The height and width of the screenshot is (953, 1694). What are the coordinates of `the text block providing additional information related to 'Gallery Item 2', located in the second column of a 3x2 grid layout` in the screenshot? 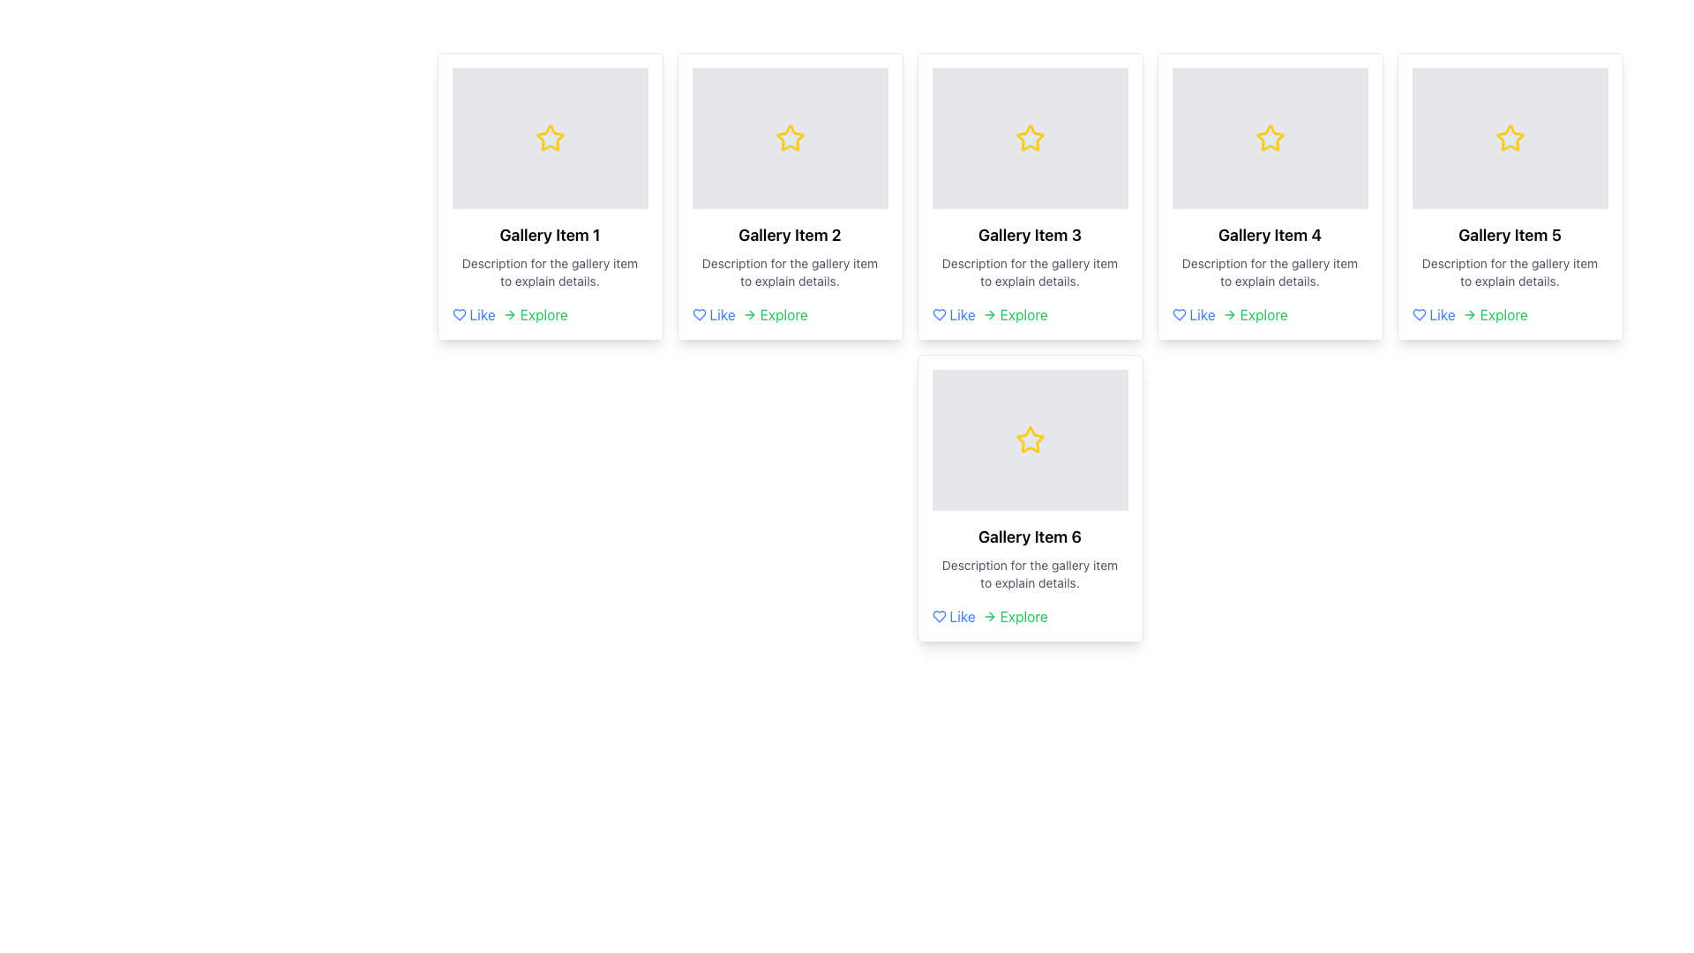 It's located at (789, 272).